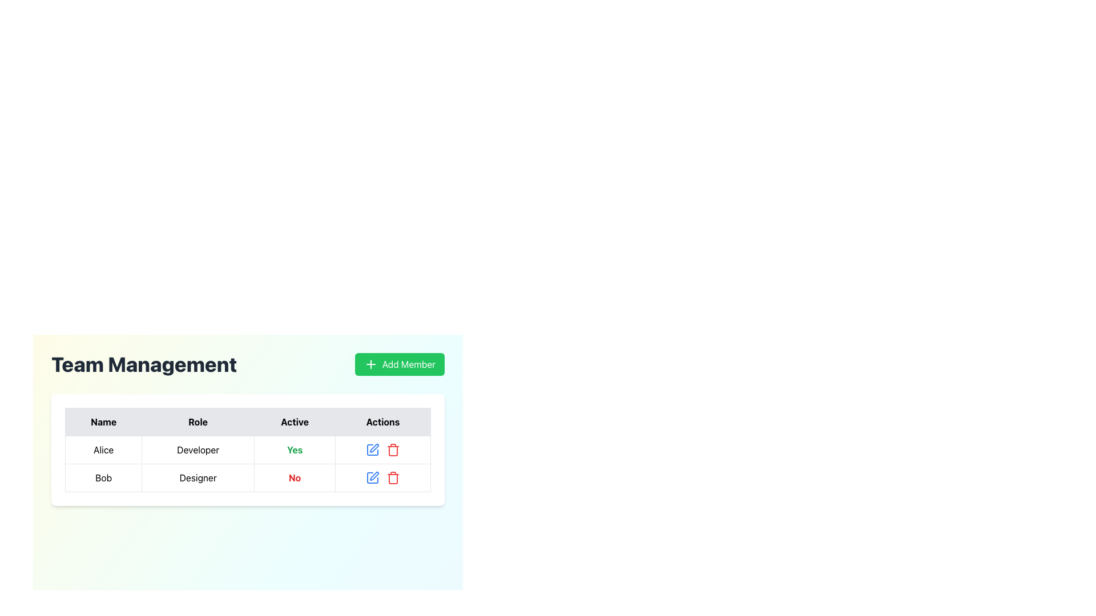 This screenshot has width=1096, height=616. I want to click on the text label displaying 'Designer' in black font located in the 'Role' column of the table under the row for 'Bob', so click(198, 477).